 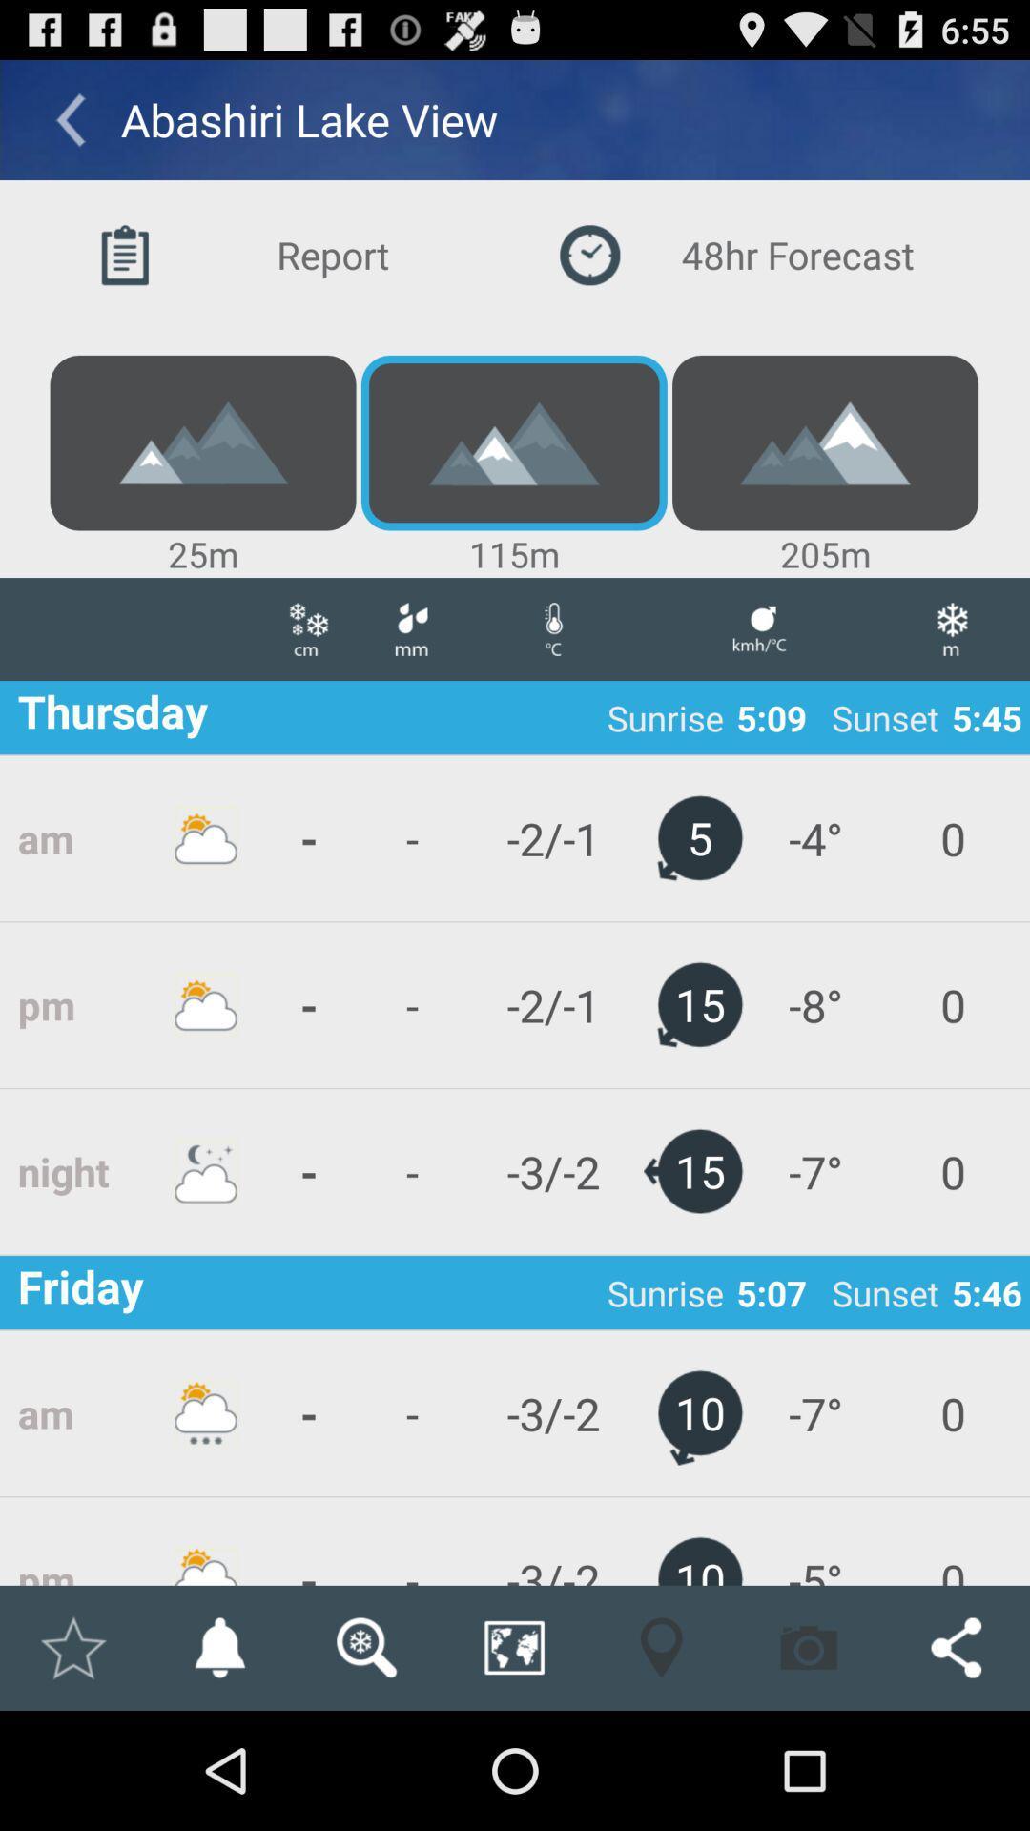 I want to click on the share icon, so click(x=956, y=1762).